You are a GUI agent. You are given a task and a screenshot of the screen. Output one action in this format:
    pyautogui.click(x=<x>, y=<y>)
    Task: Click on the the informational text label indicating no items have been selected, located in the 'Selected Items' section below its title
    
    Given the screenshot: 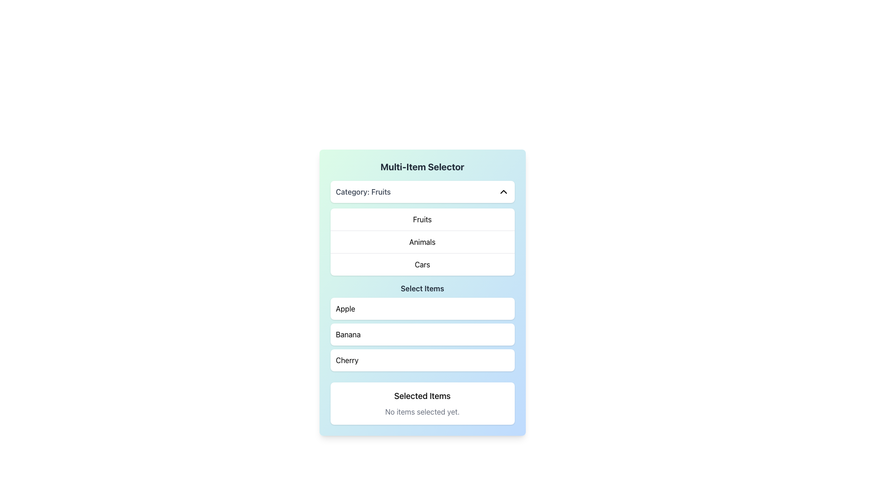 What is the action you would take?
    pyautogui.click(x=422, y=411)
    